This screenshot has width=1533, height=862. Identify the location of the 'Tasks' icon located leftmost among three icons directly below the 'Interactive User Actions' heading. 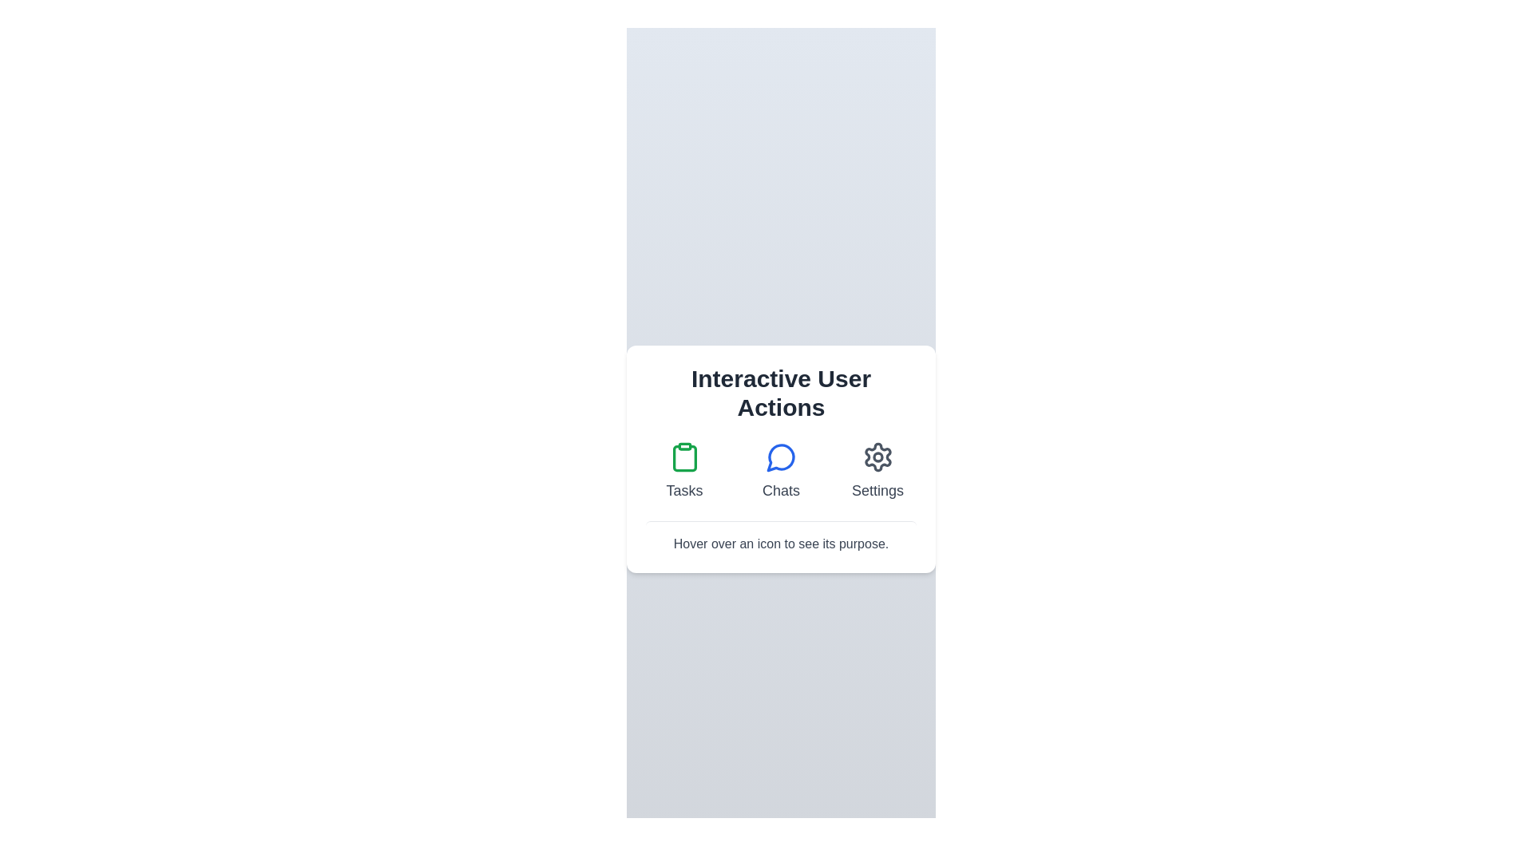
(684, 458).